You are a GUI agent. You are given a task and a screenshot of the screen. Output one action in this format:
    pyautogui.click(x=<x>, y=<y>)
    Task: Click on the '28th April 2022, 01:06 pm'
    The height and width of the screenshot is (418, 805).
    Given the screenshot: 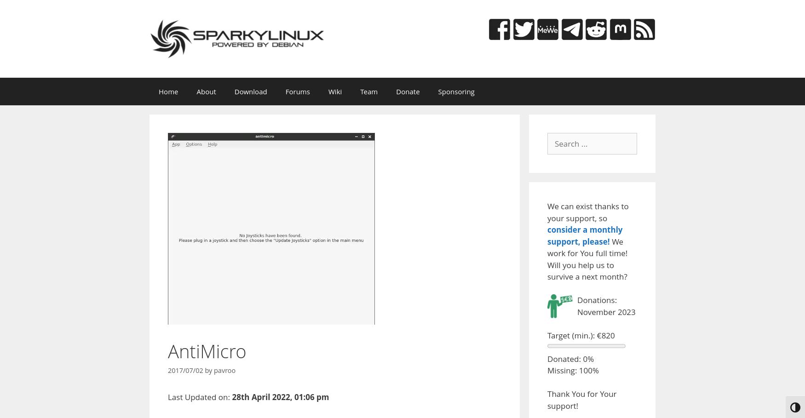 What is the action you would take?
    pyautogui.click(x=280, y=396)
    